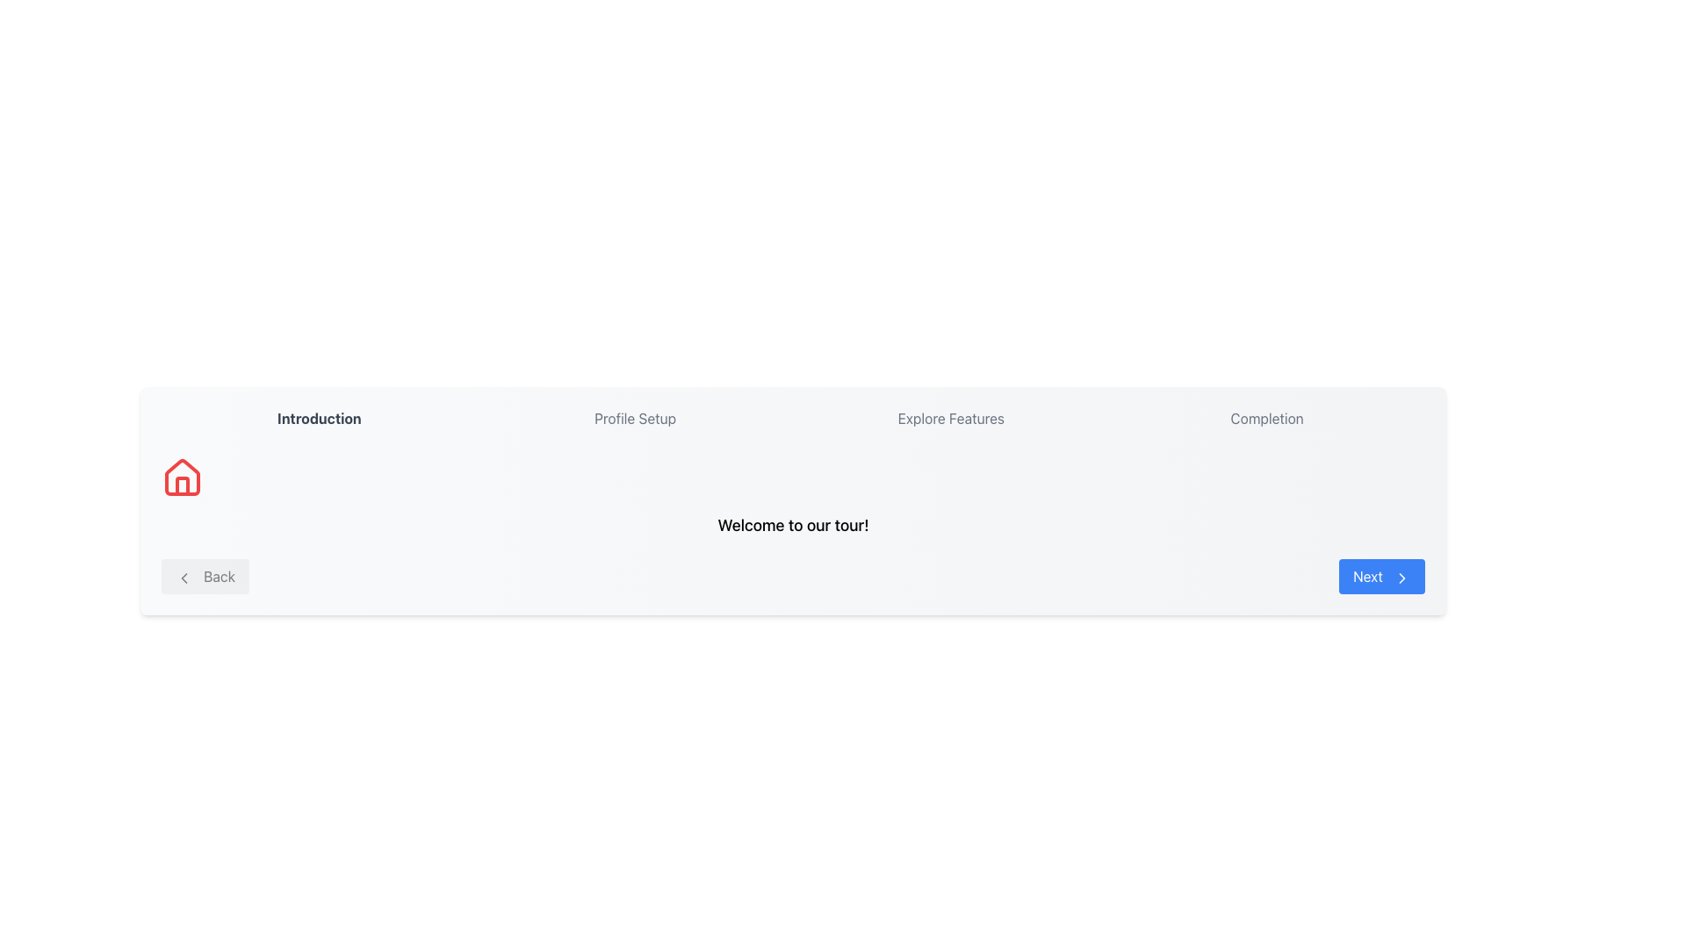  Describe the element at coordinates (950, 419) in the screenshot. I see `the 'Explore Features' text label in the horizontal navigation bar at the top of the interface` at that location.